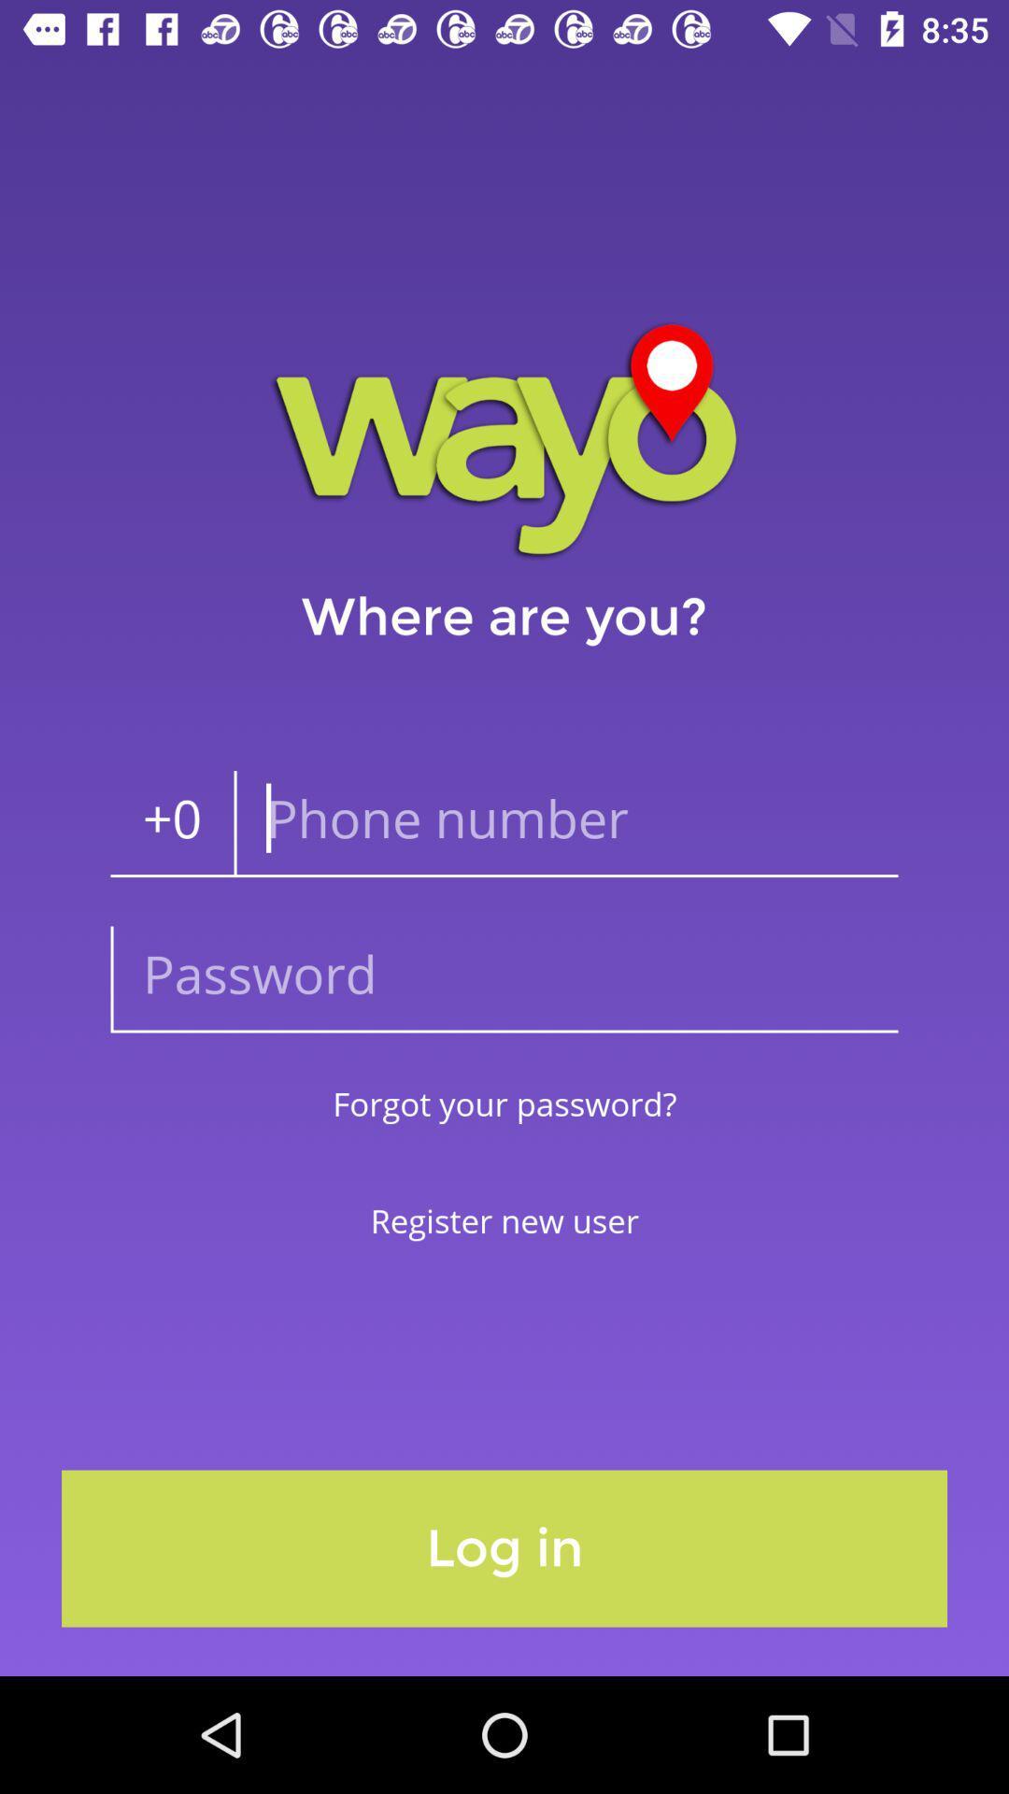 Image resolution: width=1009 pixels, height=1794 pixels. What do you see at coordinates (504, 1220) in the screenshot?
I see `the icon above log in icon` at bounding box center [504, 1220].